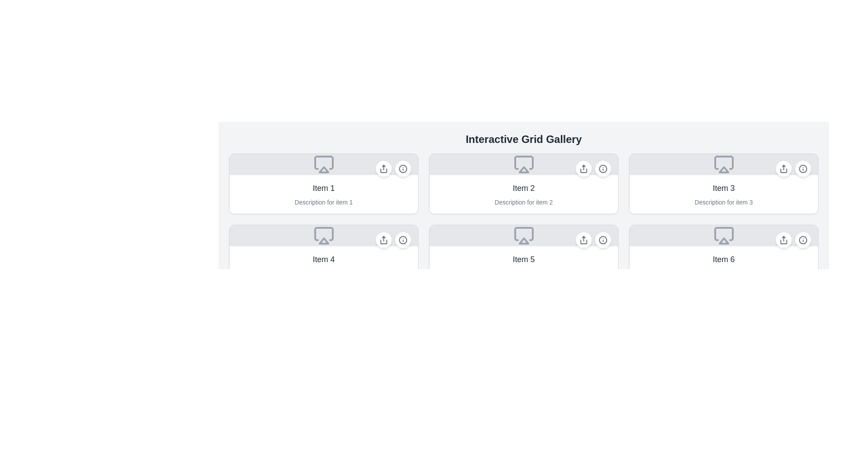  Describe the element at coordinates (783, 240) in the screenshot. I see `the 'share' button icon located at the top-right corner of the cell labeled 'Item 6'` at that location.